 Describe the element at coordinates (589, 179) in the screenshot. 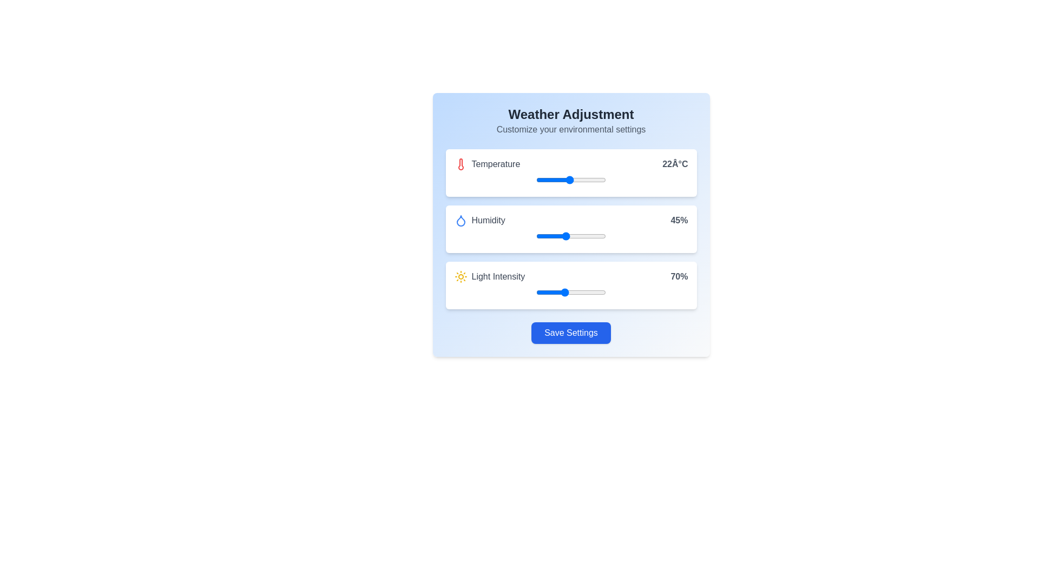

I see `the temperature` at that location.